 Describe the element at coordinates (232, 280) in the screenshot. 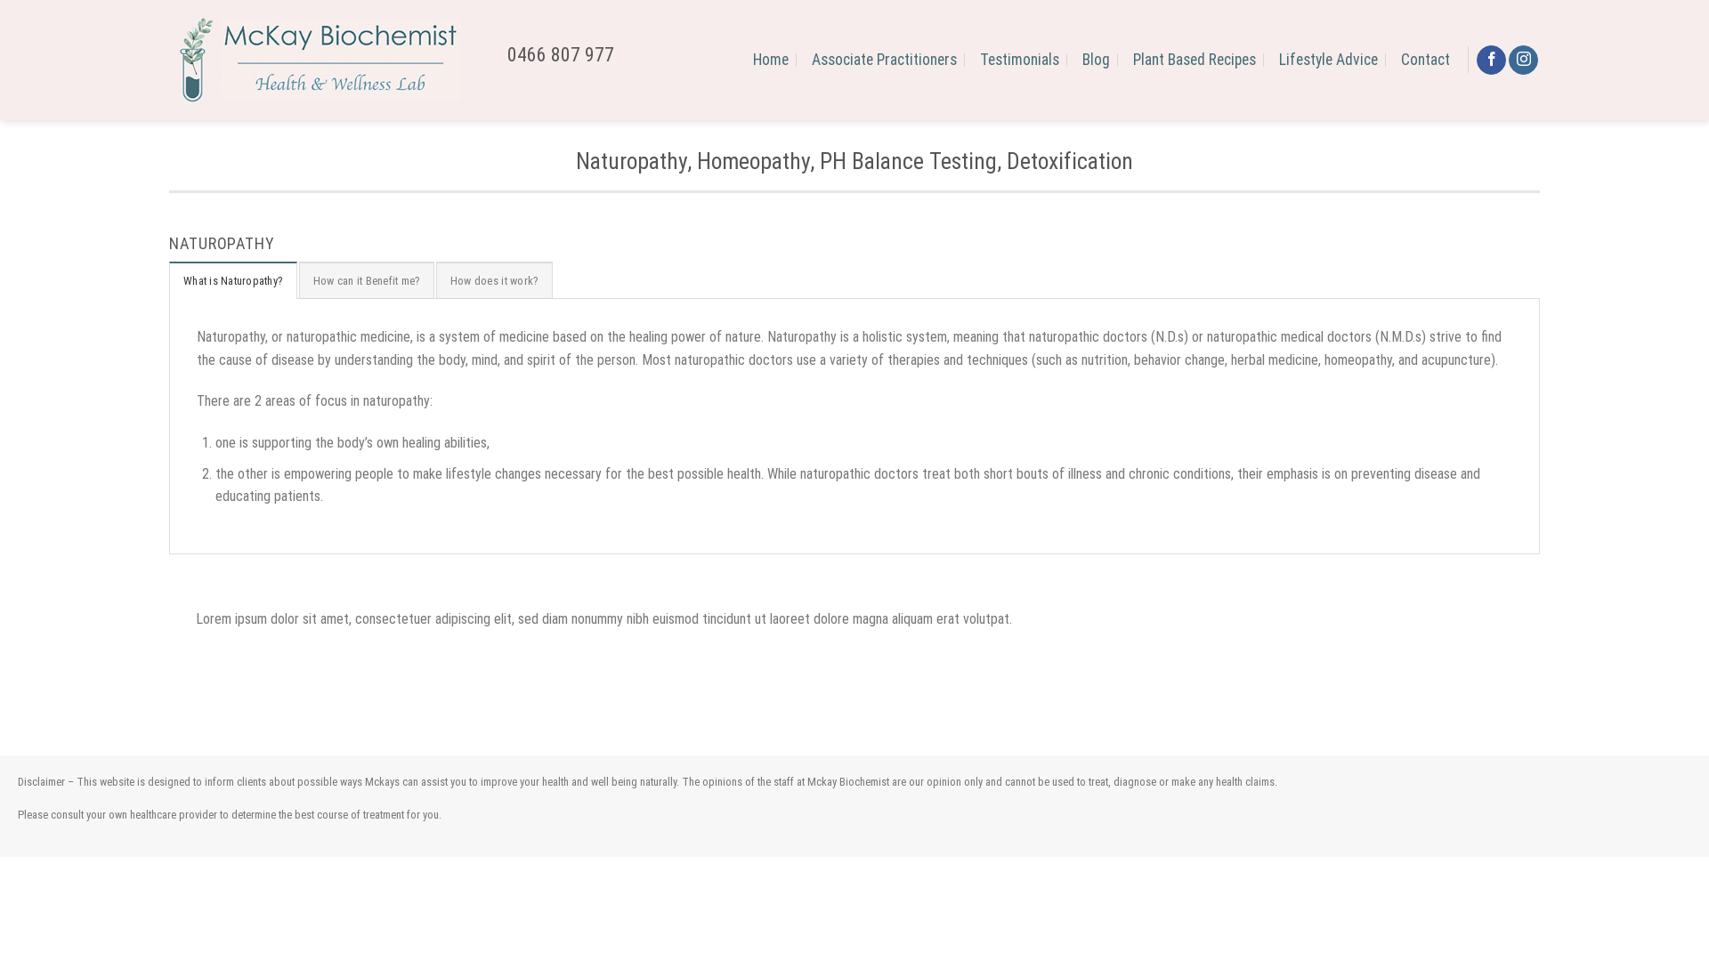

I see `'What is Naturopathy?'` at that location.